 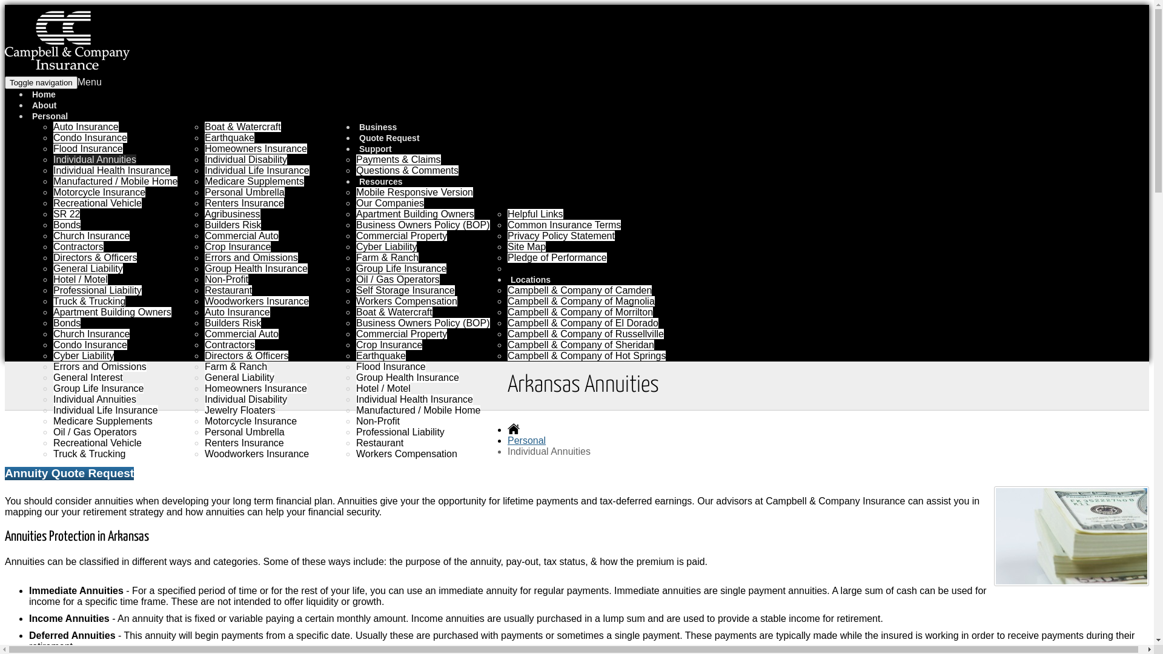 What do you see at coordinates (532, 280) in the screenshot?
I see `'Locations'` at bounding box center [532, 280].